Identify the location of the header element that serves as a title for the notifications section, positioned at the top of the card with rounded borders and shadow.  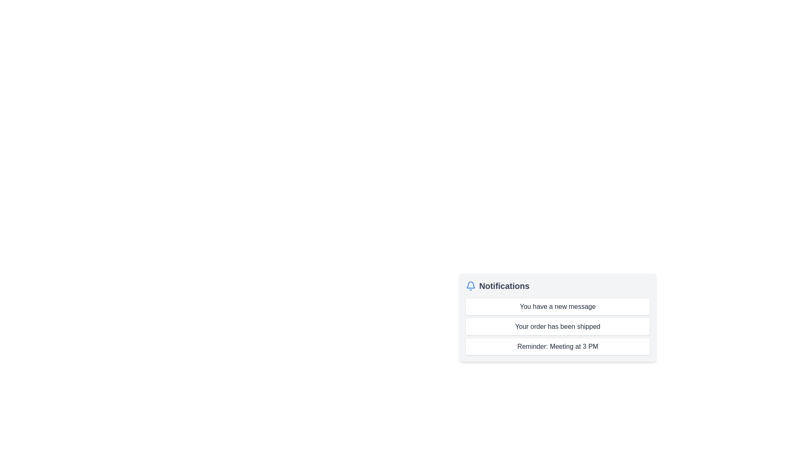
(558, 285).